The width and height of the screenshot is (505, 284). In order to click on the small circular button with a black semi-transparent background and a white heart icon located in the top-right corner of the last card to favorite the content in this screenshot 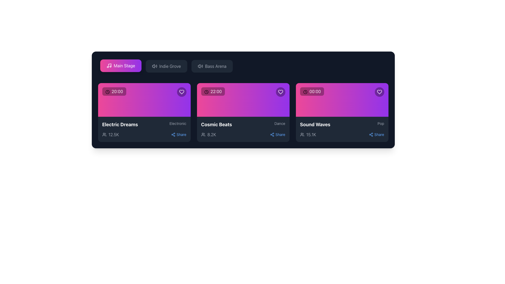, I will do `click(379, 92)`.